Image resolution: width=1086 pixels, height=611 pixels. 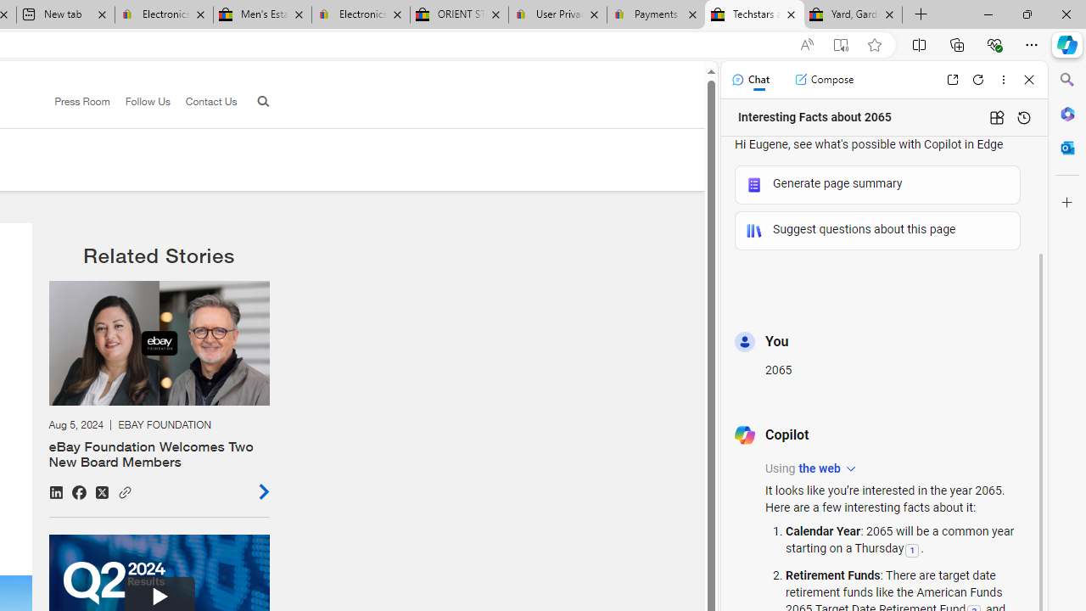 I want to click on 'User Privacy Notice | eBay', so click(x=557, y=14).